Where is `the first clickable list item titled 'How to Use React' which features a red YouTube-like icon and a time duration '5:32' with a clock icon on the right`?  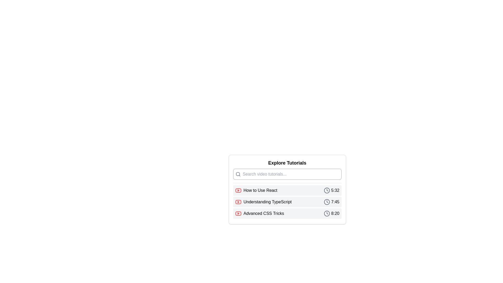 the first clickable list item titled 'How to Use React' which features a red YouTube-like icon and a time duration '5:32' with a clock icon on the right is located at coordinates (287, 190).